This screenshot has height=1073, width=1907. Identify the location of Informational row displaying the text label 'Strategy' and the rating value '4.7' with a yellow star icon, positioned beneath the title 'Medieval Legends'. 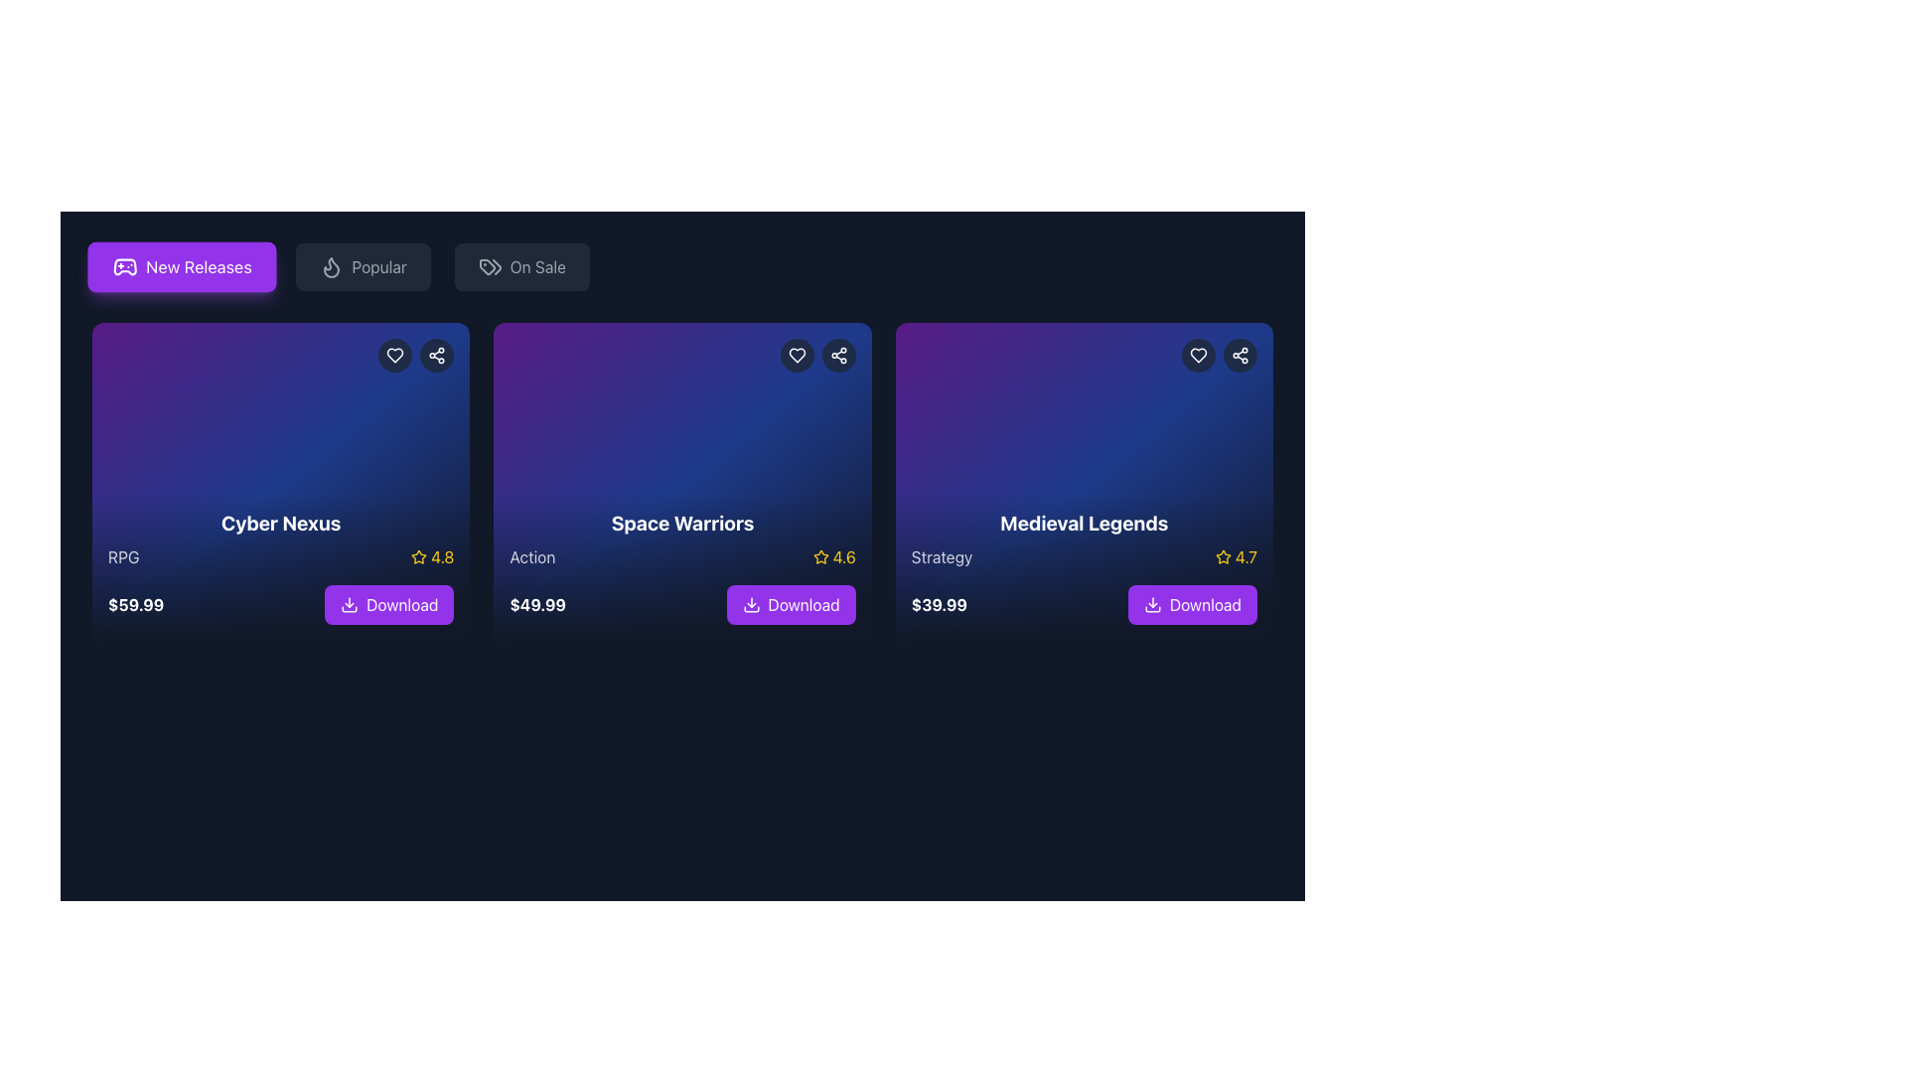
(1083, 556).